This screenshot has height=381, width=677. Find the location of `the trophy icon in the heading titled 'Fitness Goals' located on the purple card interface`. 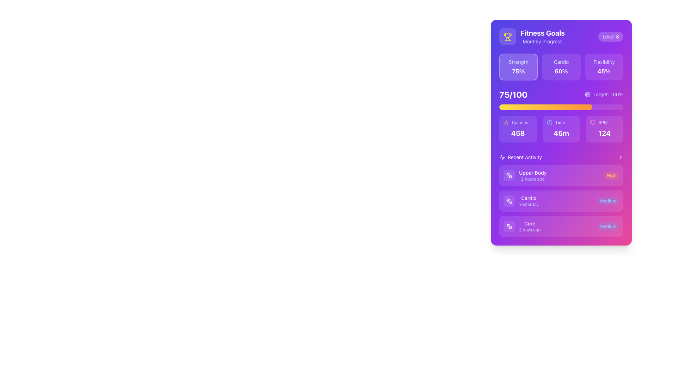

the trophy icon in the heading titled 'Fitness Goals' located on the purple card interface is located at coordinates (532, 37).